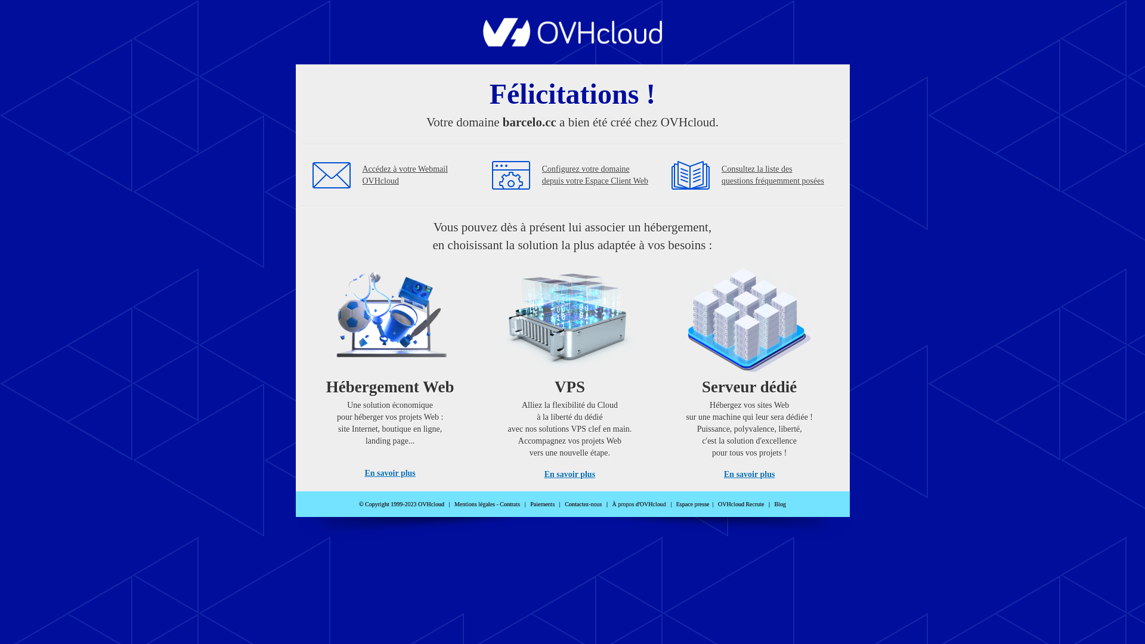 This screenshot has width=1145, height=644. I want to click on 'En savoir plus', so click(389, 472).